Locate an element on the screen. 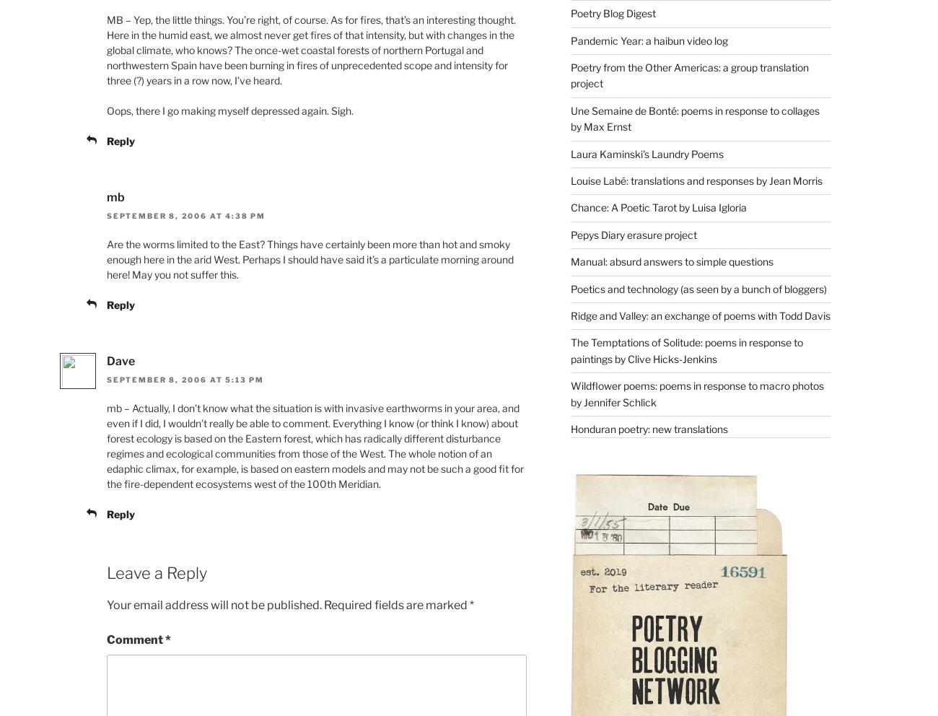 Image resolution: width=938 pixels, height=716 pixels. 'Une Semaine de Bonté: poems in response to collages by Max Ernst' is located at coordinates (694, 118).